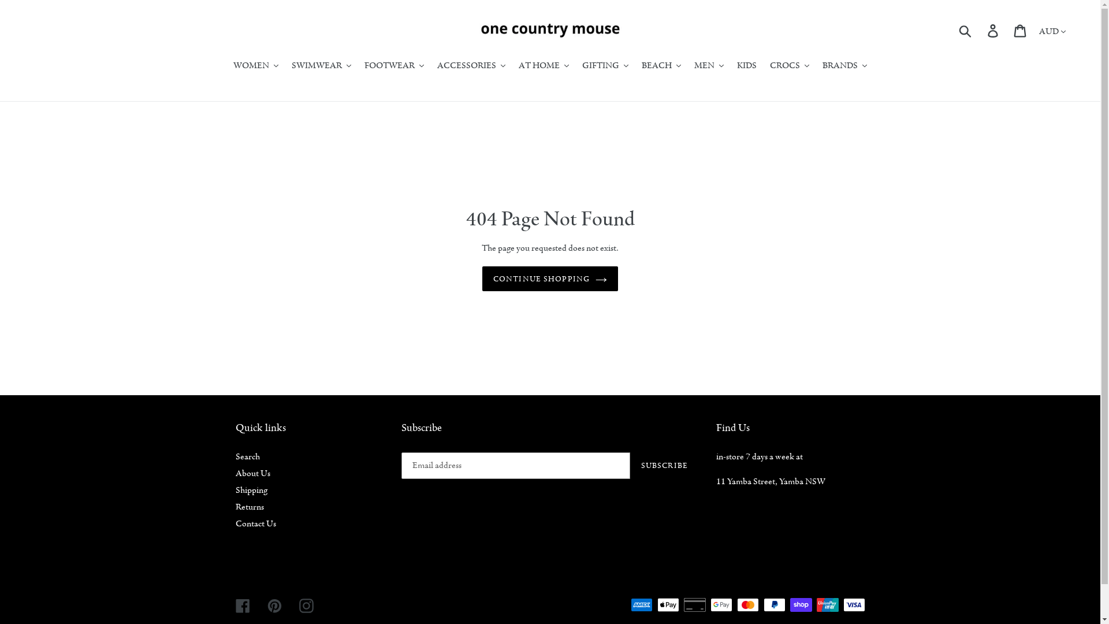 The image size is (1109, 624). I want to click on 'Submit', so click(966, 30).